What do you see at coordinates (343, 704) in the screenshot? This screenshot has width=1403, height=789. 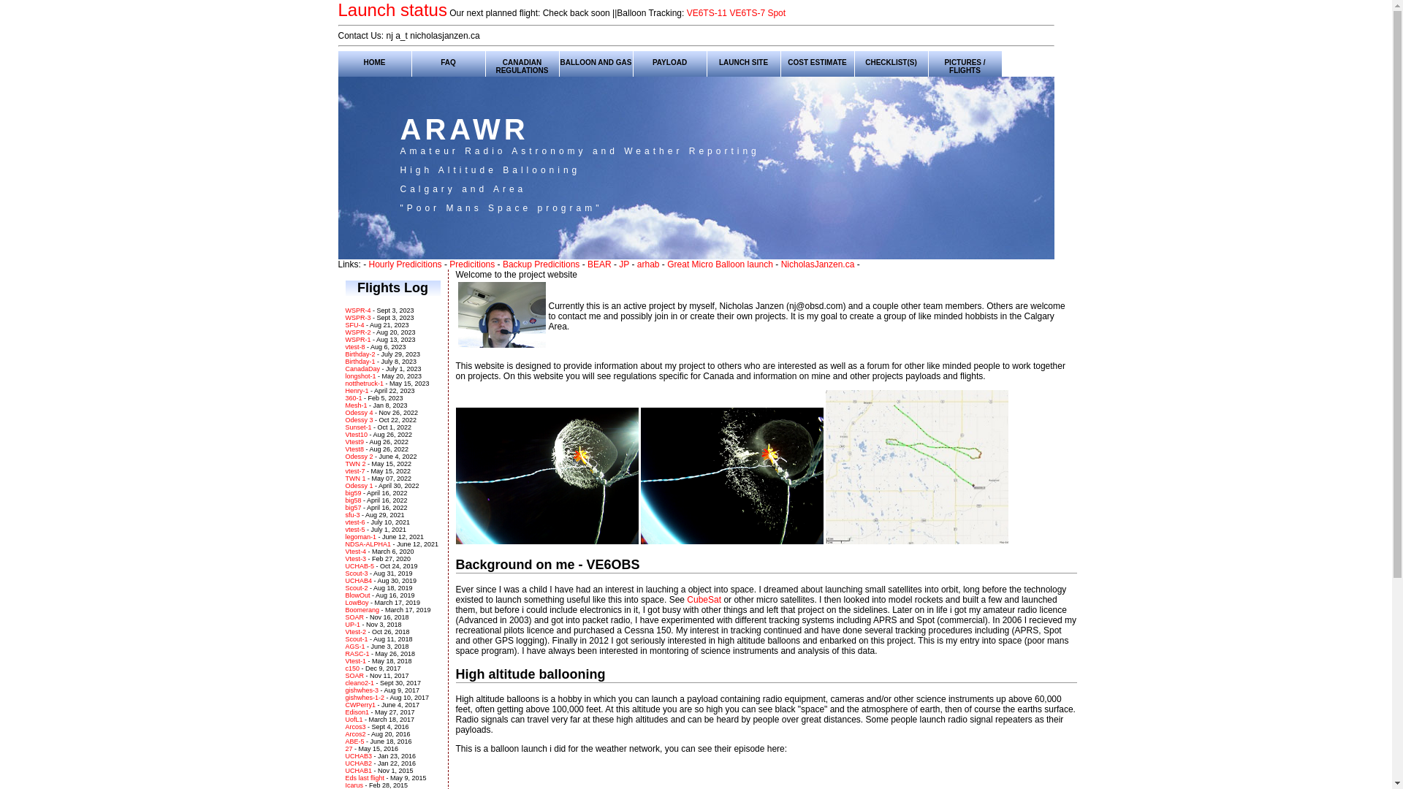 I see `'CWPerry1'` at bounding box center [343, 704].